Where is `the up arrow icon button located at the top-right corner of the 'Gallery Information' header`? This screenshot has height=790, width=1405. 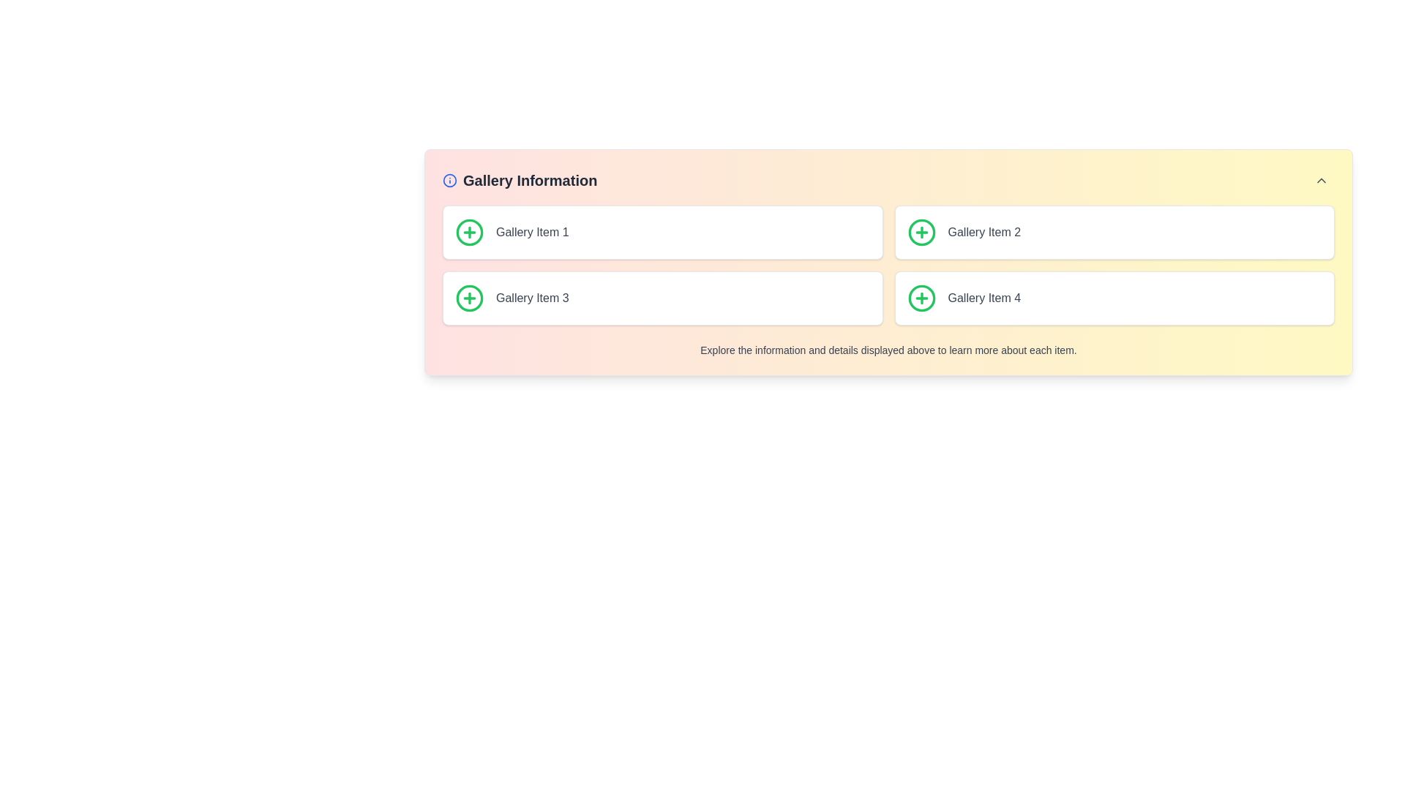 the up arrow icon button located at the top-right corner of the 'Gallery Information' header is located at coordinates (1321, 179).